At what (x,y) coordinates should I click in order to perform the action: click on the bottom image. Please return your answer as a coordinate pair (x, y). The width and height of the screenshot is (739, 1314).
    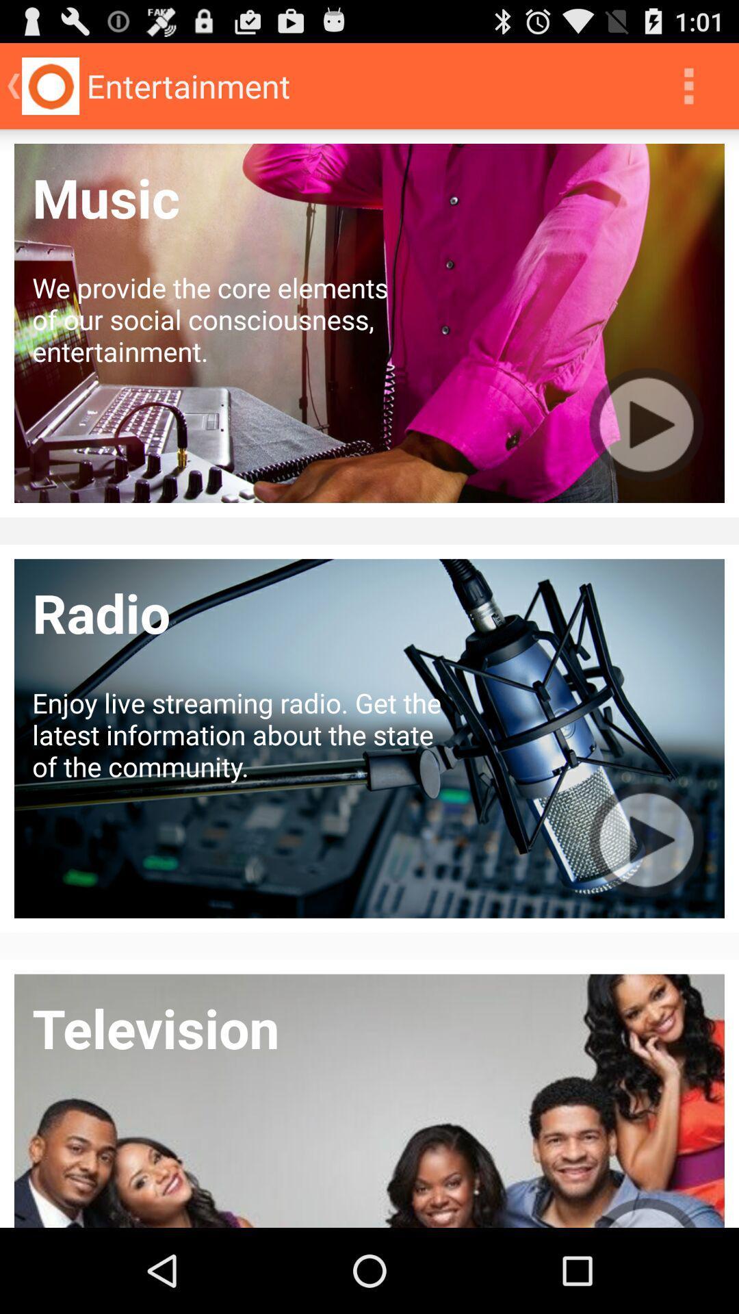
    Looking at the image, I should click on (369, 1100).